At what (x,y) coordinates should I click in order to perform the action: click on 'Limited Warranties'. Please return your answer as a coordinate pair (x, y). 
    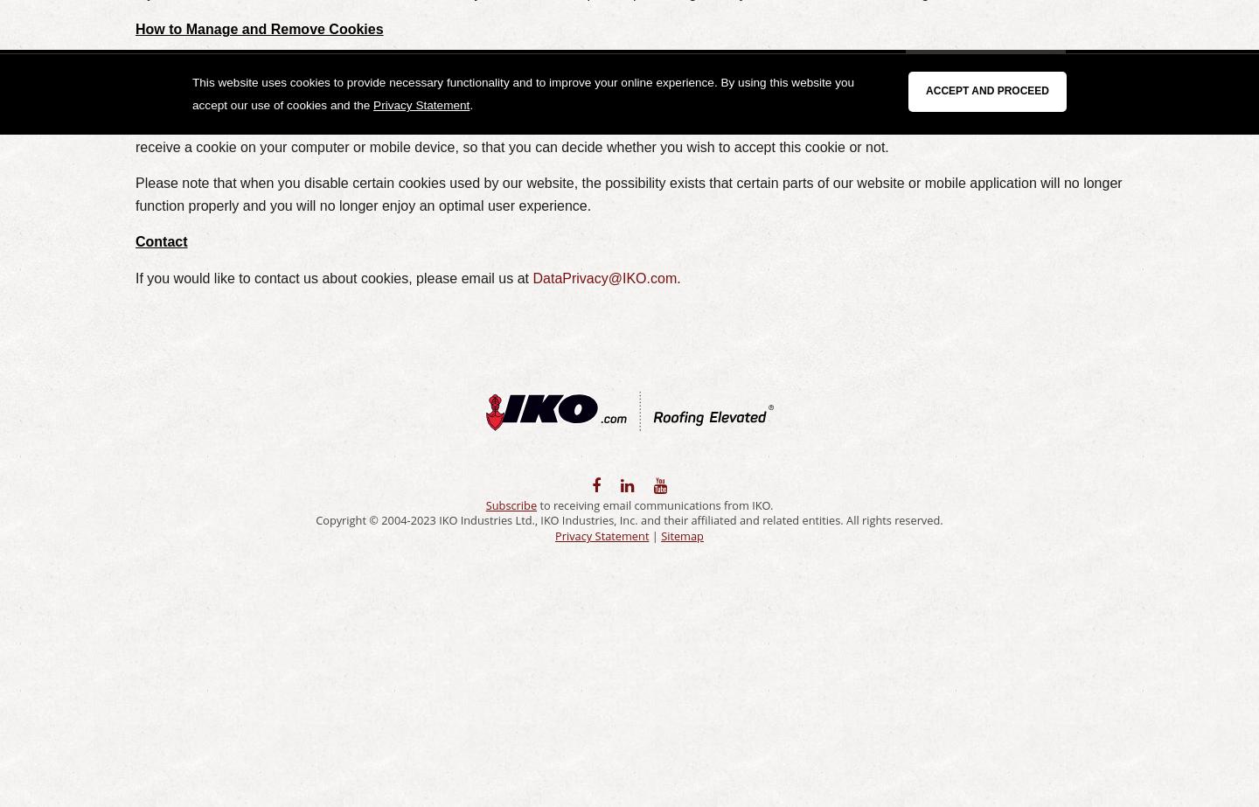
    Looking at the image, I should click on (581, 70).